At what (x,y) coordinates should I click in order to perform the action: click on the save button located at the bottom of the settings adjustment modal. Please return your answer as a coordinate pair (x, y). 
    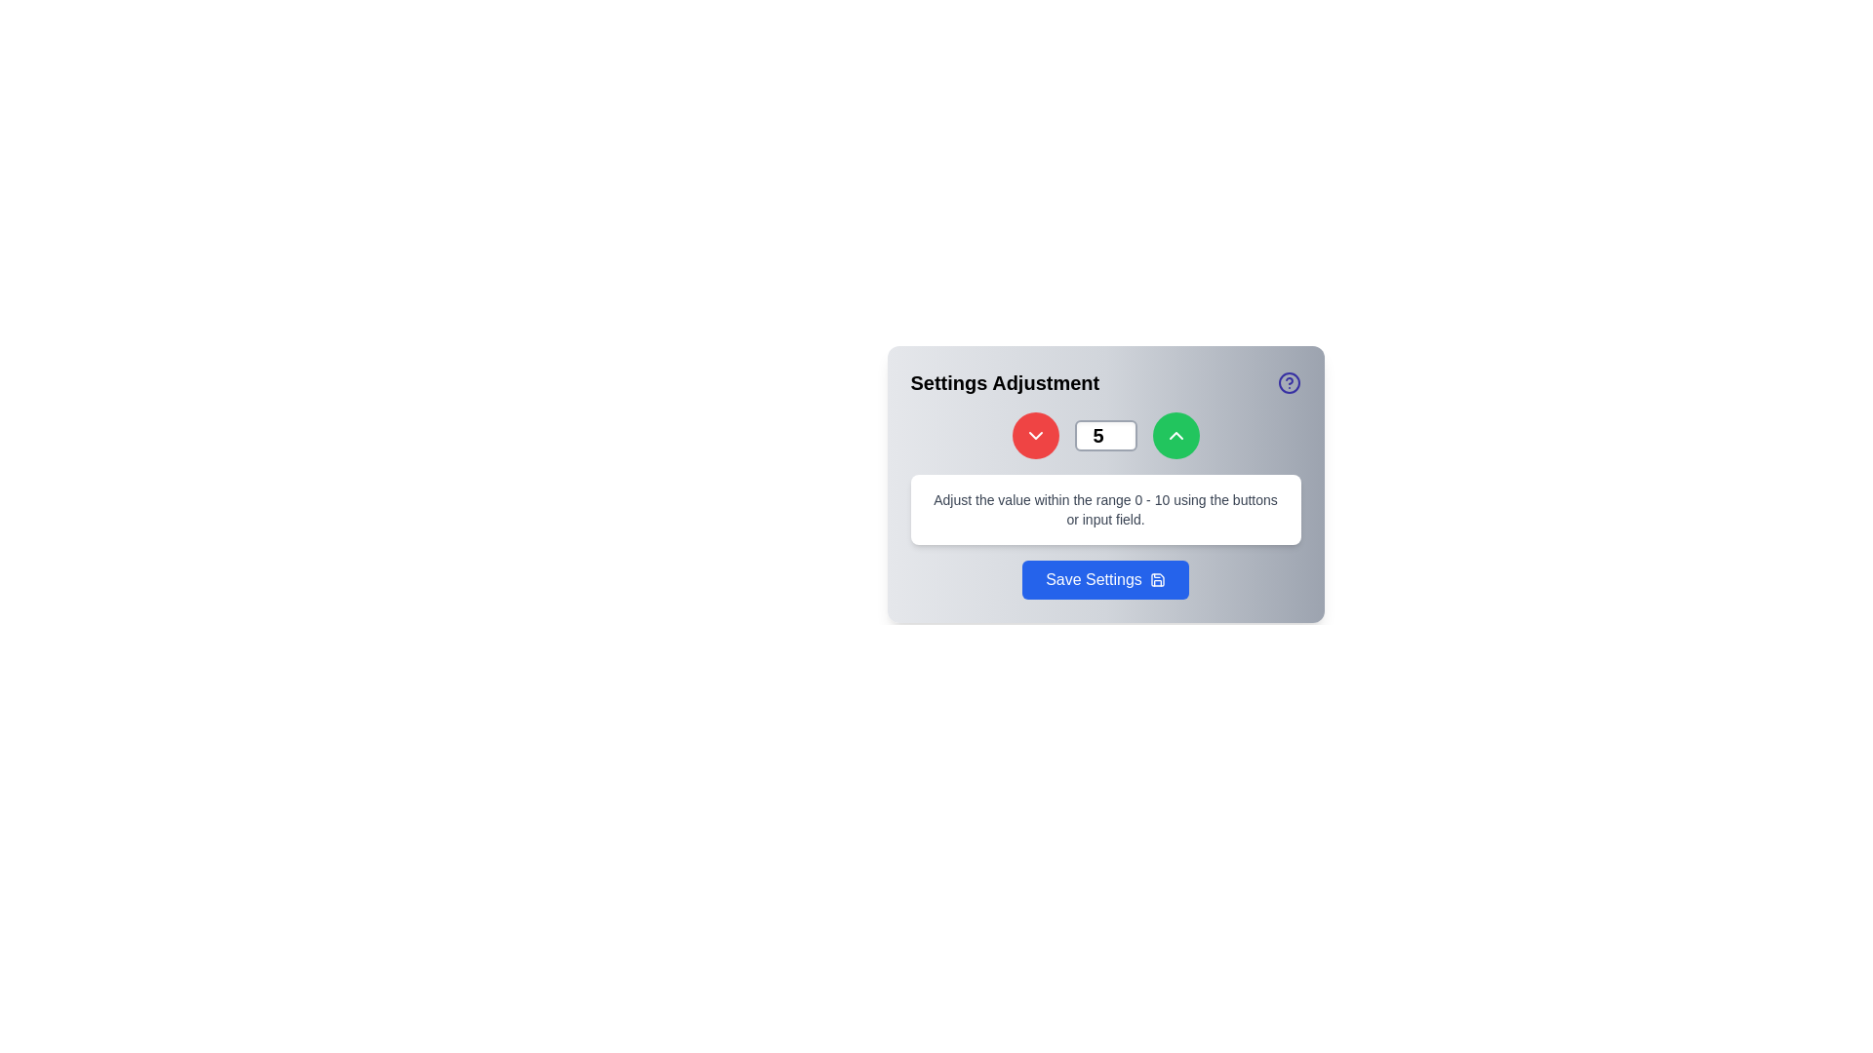
    Looking at the image, I should click on (1105, 578).